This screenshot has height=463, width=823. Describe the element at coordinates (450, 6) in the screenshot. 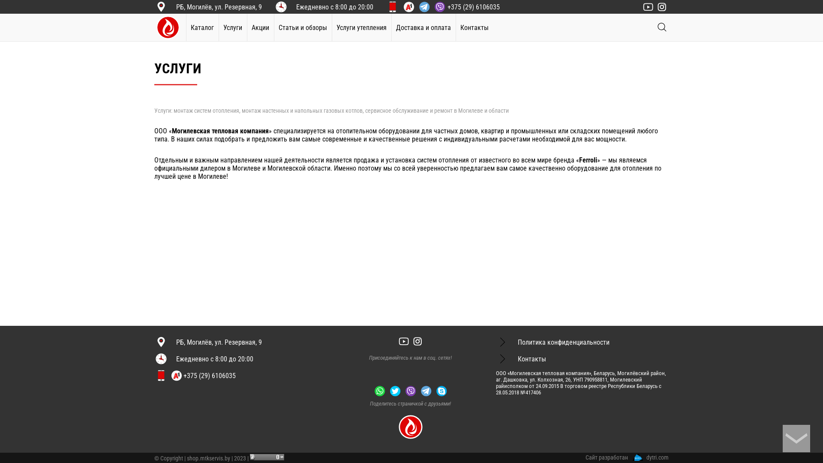

I see `'+375 (29) 6106035'` at that location.